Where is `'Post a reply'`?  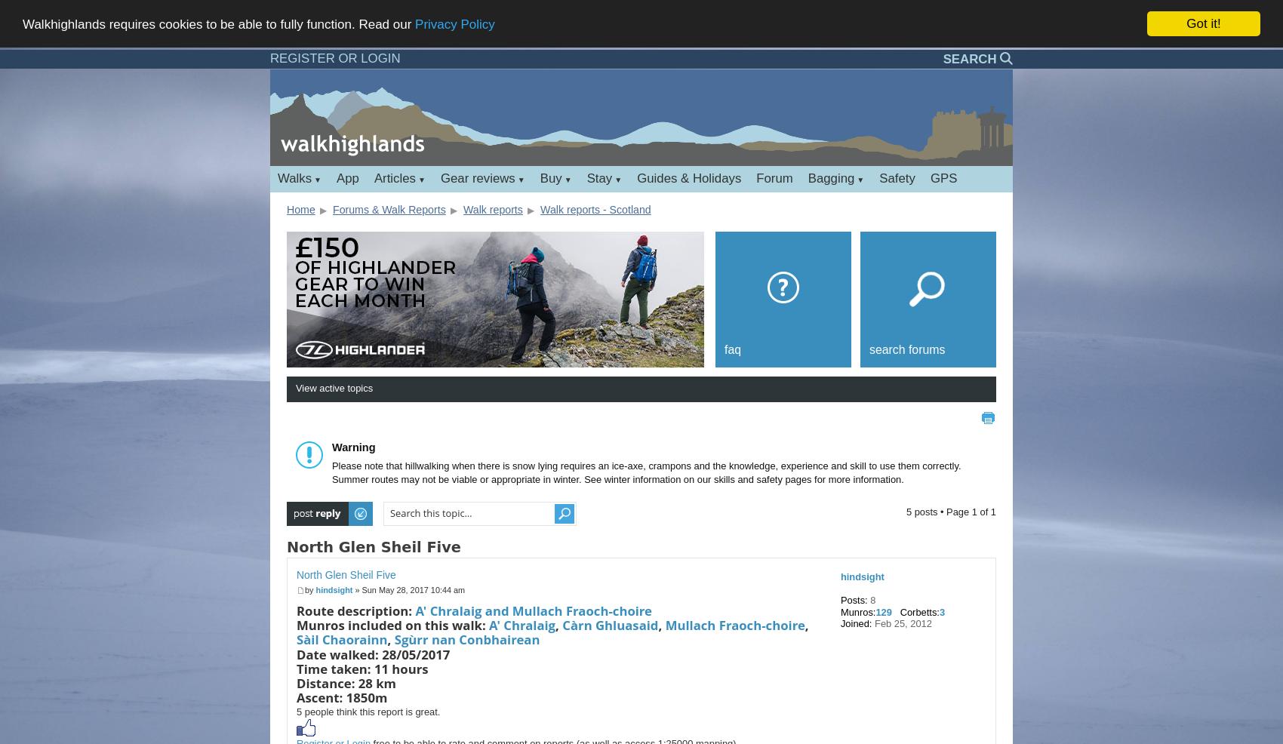
'Post a reply' is located at coordinates (311, 507).